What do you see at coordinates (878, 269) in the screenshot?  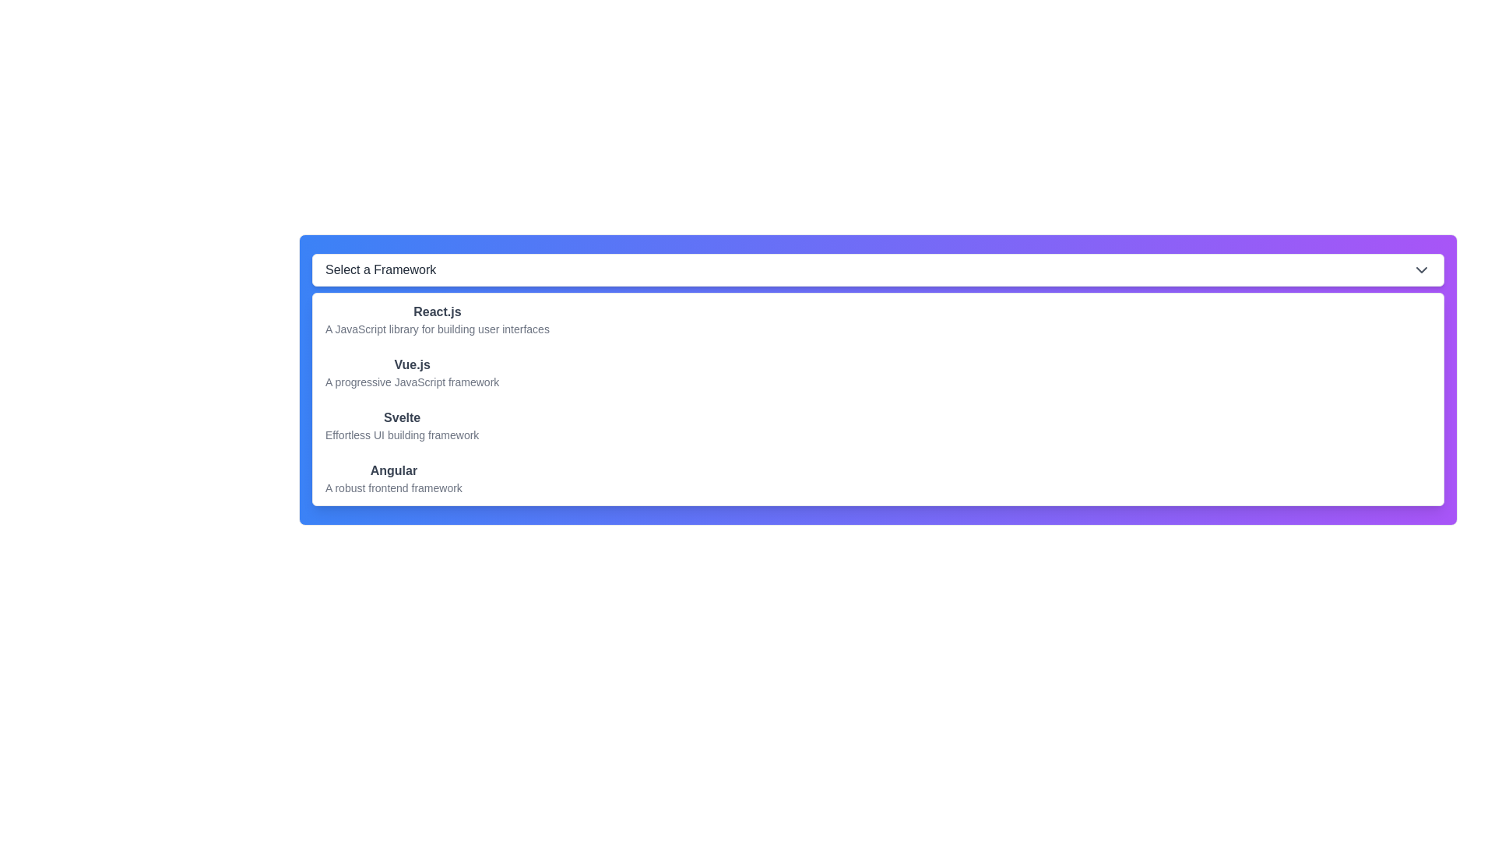 I see `the Dropdown menu` at bounding box center [878, 269].